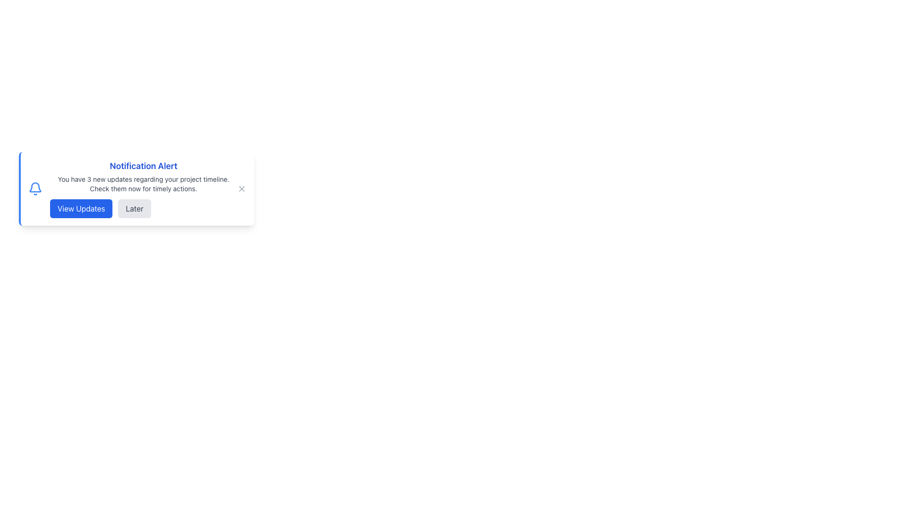  What do you see at coordinates (242, 189) in the screenshot?
I see `the graphical close icon represented by a diagonal cross (X) located in the top-right corner of the notification dialog box` at bounding box center [242, 189].